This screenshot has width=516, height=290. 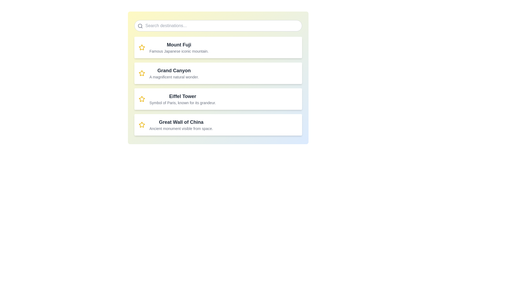 I want to click on the List item displaying information about the Eiffel Tower, so click(x=182, y=99).